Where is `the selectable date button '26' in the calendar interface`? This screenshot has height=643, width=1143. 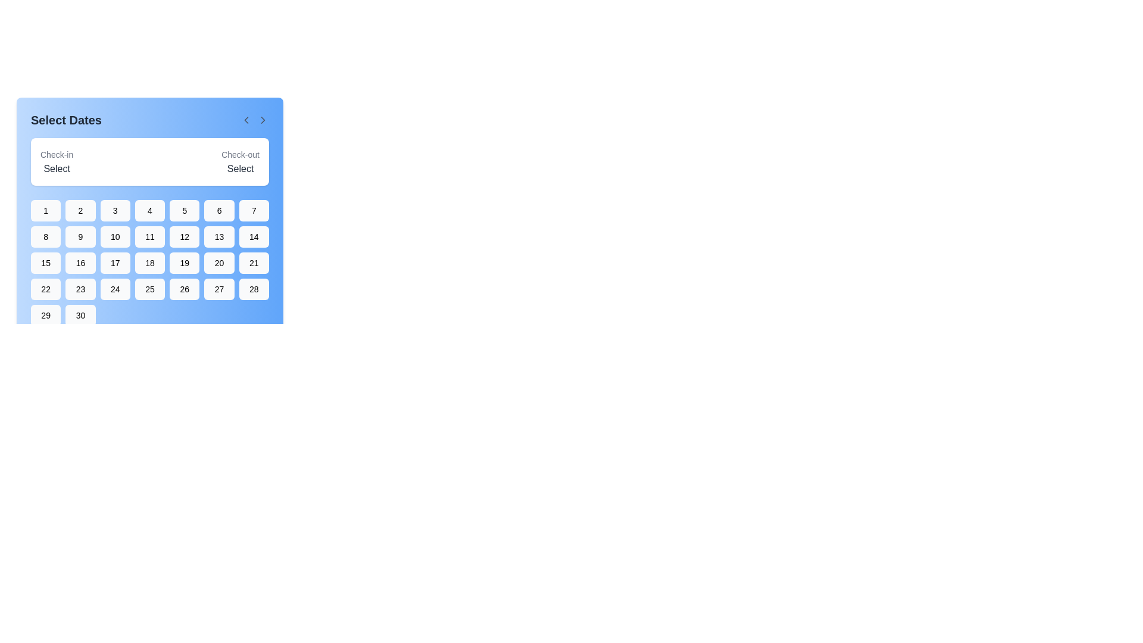 the selectable date button '26' in the calendar interface is located at coordinates (184, 289).